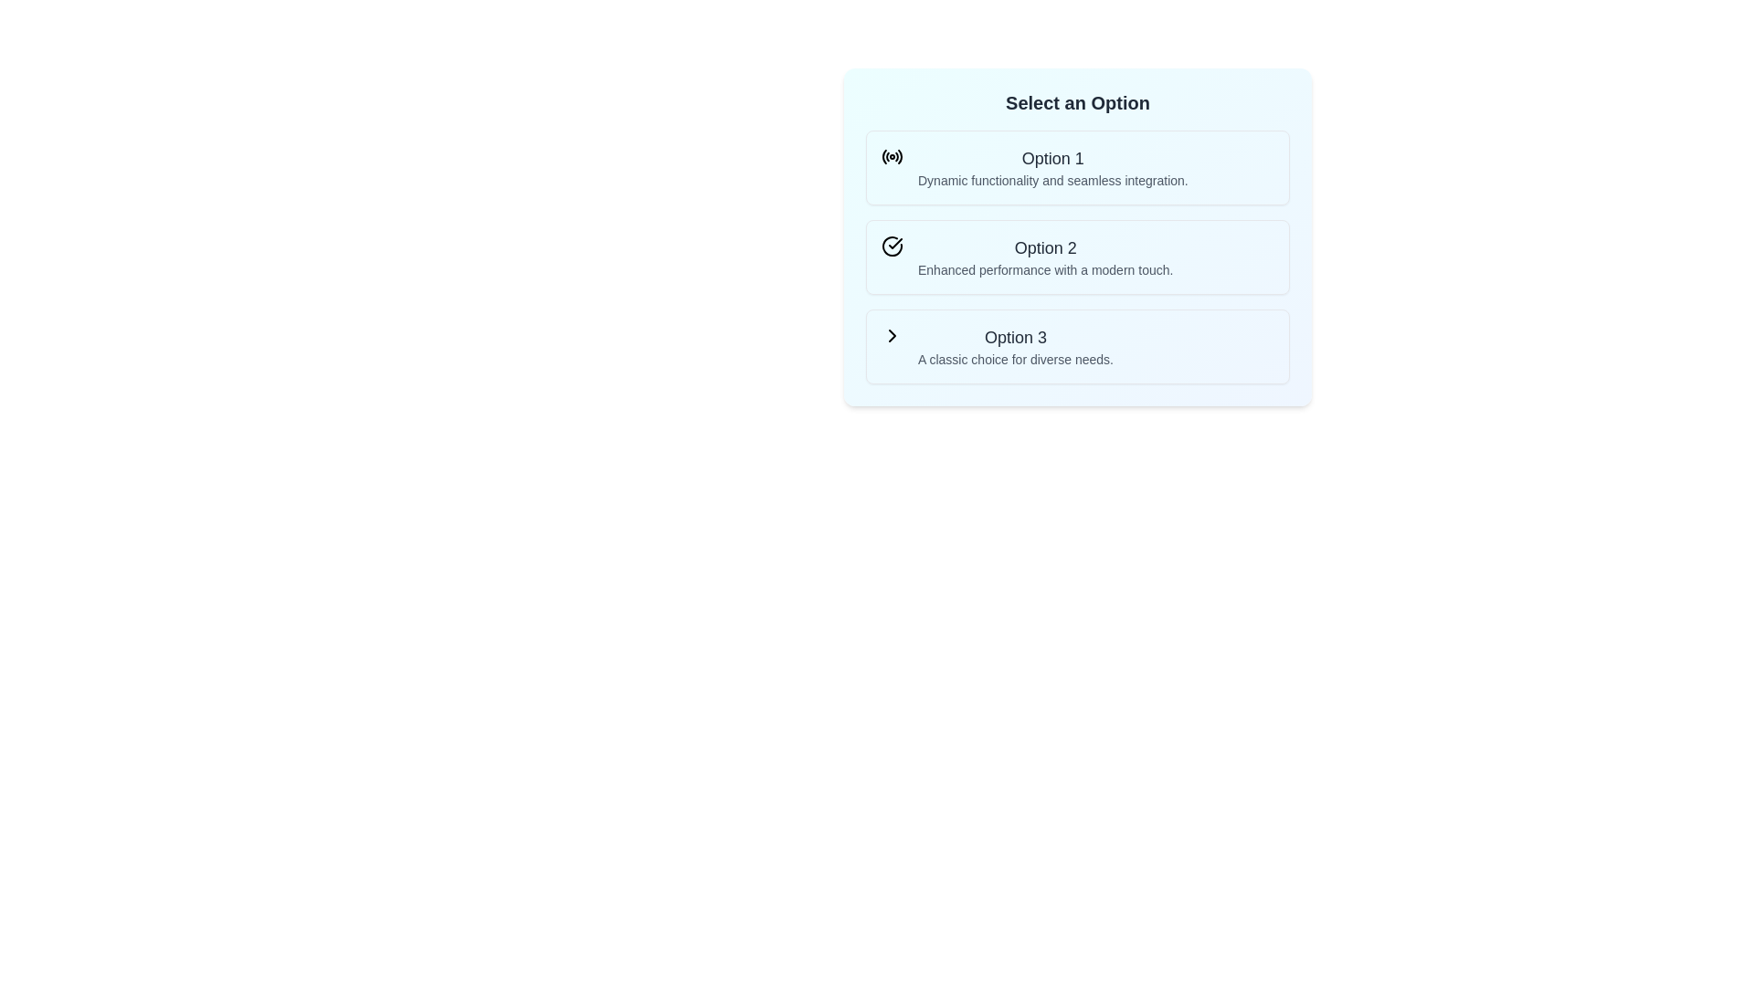 This screenshot has height=986, width=1754. I want to click on the information block for 'Option 1' in the selection panel, which displays the title and description of the first choice, so click(1052, 168).